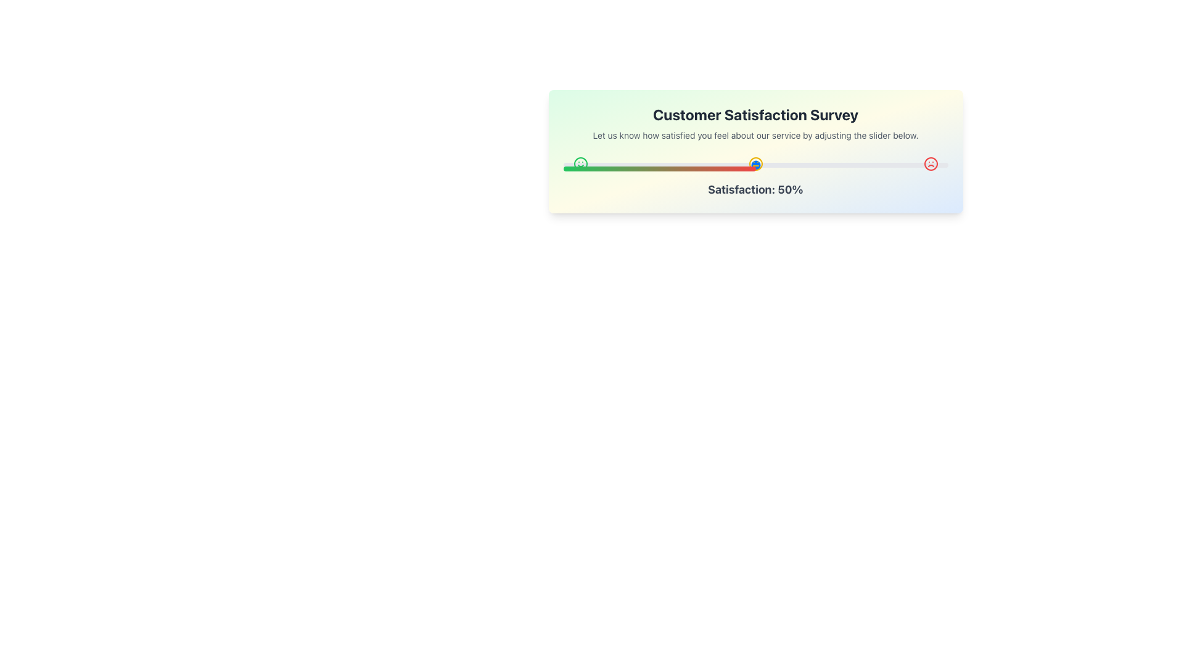 This screenshot has width=1184, height=666. What do you see at coordinates (786, 164) in the screenshot?
I see `satisfaction level` at bounding box center [786, 164].